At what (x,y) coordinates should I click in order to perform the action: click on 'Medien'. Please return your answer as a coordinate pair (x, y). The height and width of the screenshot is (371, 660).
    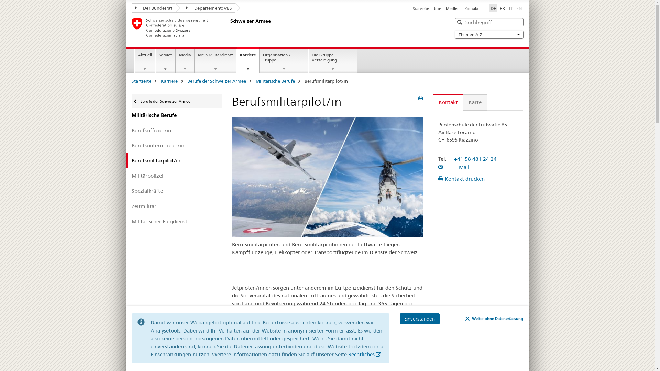
    Looking at the image, I should click on (452, 8).